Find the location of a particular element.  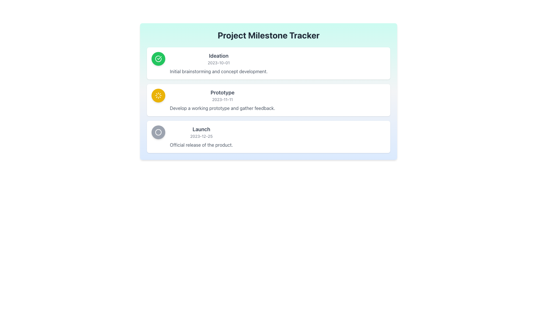

the information represented by the yellow circular icon with a sun symbol, located on the left side of the 'Prototype' card, adjacent to its text, within the second milestone item of the milestone tracker is located at coordinates (158, 95).